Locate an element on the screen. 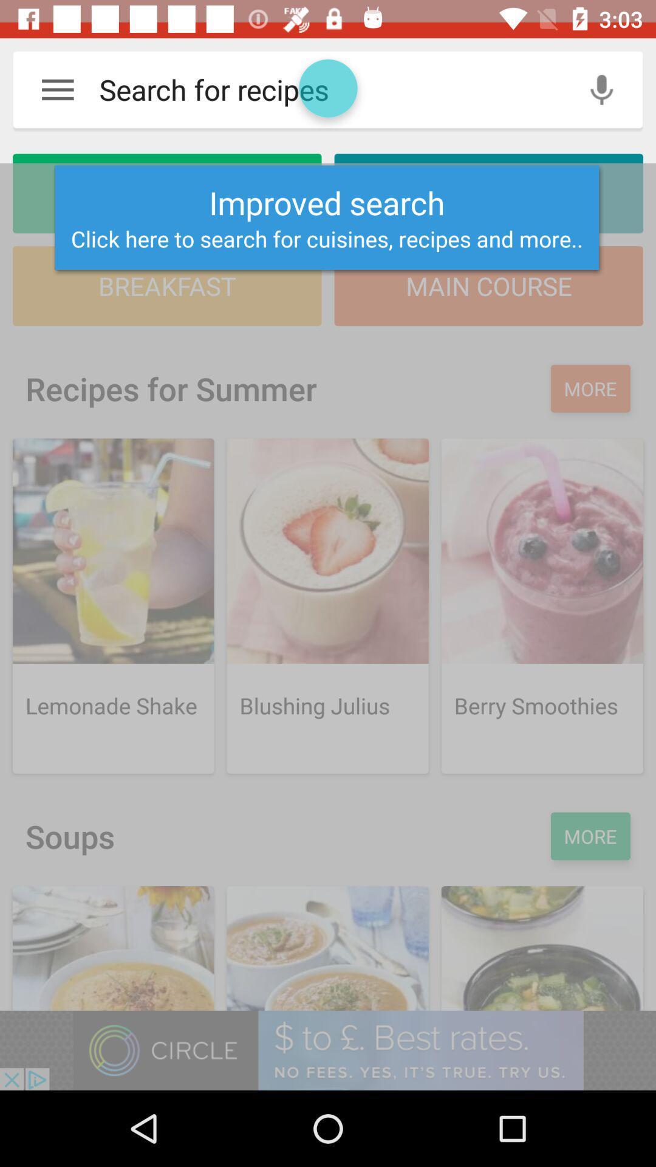  the microphone icon is located at coordinates (601, 89).